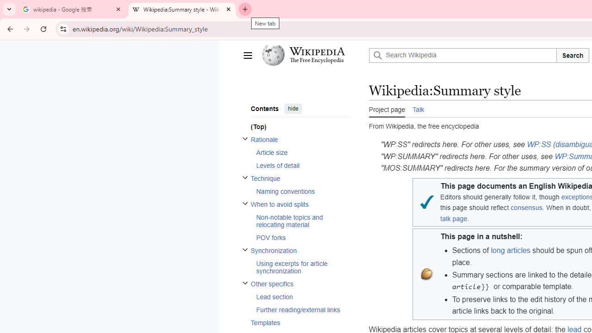 The image size is (592, 333). What do you see at coordinates (245, 282) in the screenshot?
I see `'Toggle Other specifics subsection'` at bounding box center [245, 282].